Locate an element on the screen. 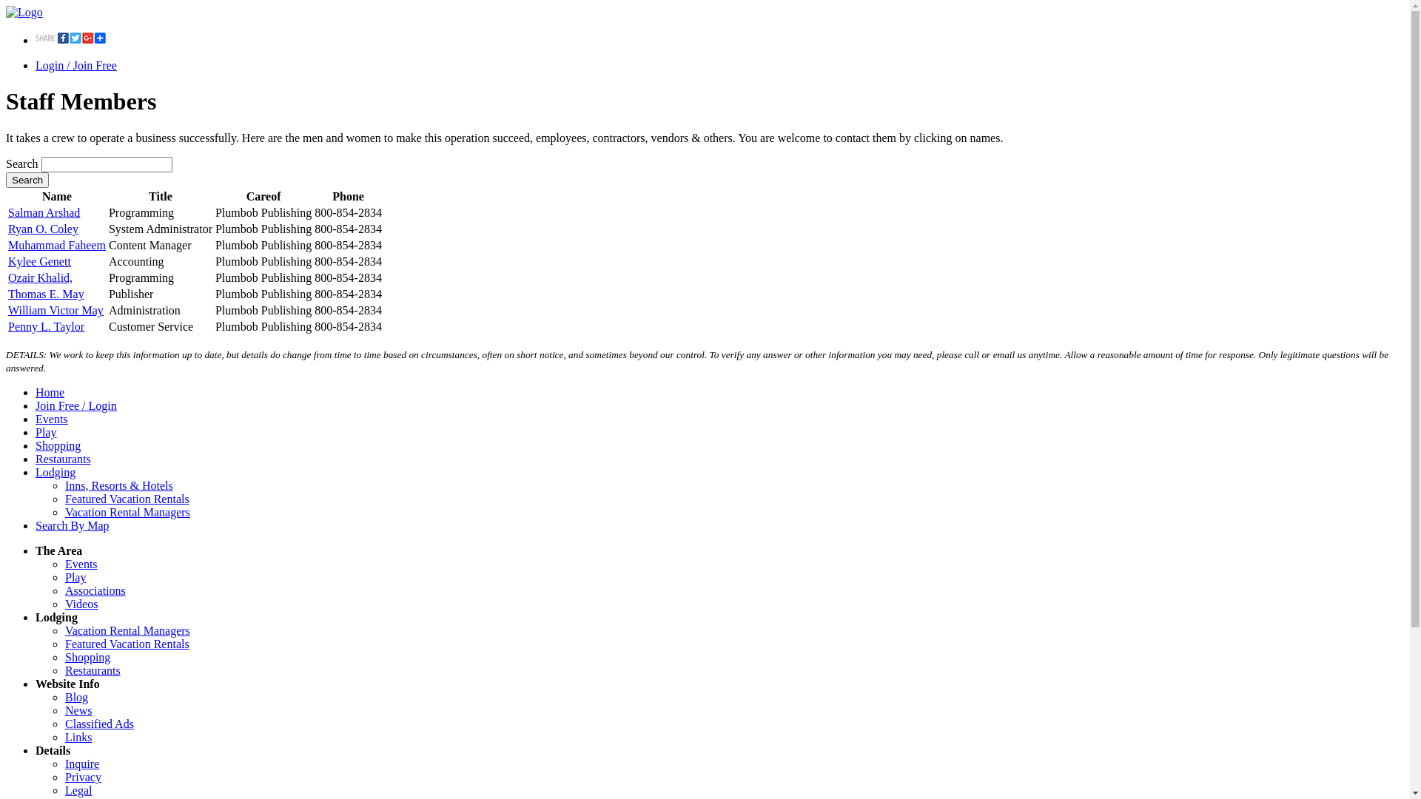 The height and width of the screenshot is (799, 1421). 'Associations' is located at coordinates (95, 590).